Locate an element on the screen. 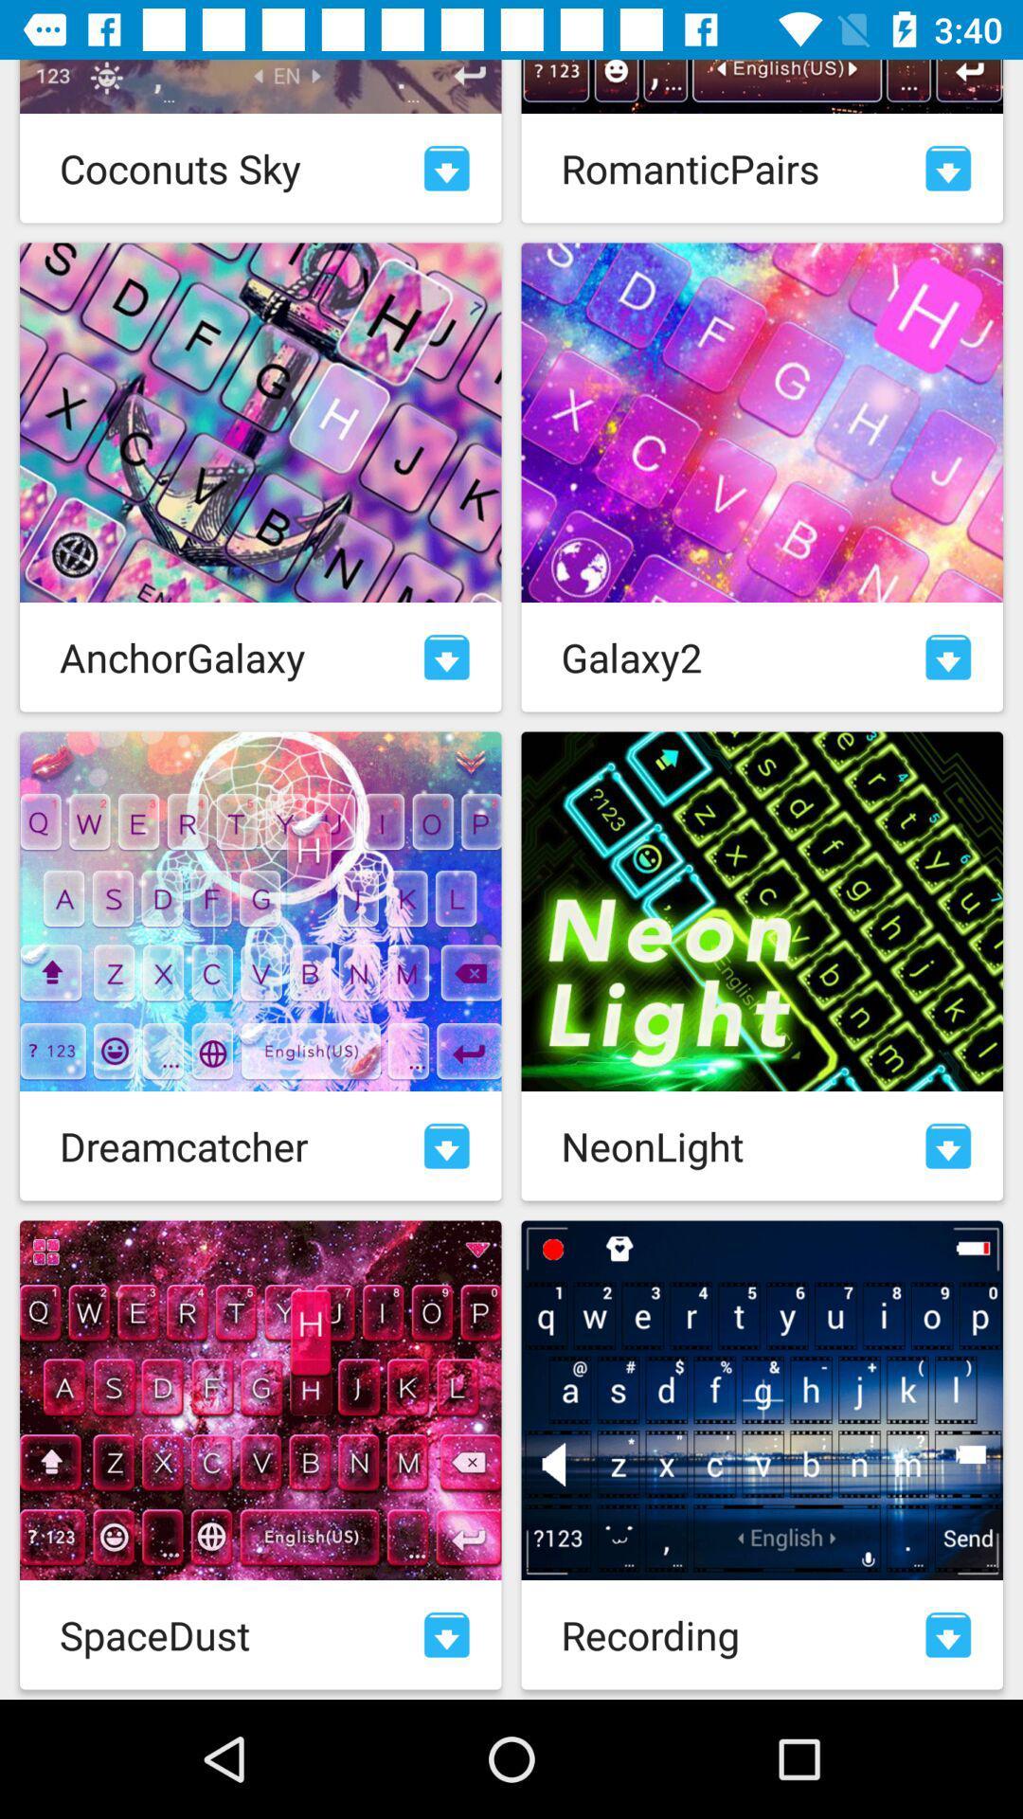 The image size is (1023, 1819). download image is located at coordinates (948, 168).